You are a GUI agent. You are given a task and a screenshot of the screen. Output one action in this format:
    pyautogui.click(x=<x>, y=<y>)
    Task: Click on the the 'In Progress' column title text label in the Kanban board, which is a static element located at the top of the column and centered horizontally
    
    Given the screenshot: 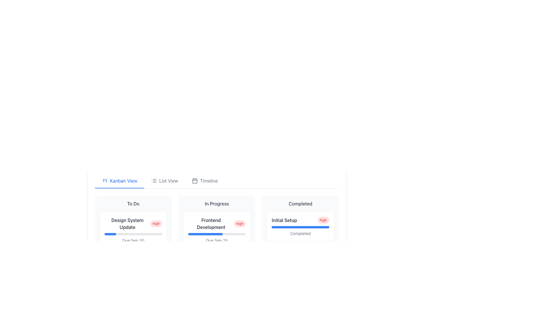 What is the action you would take?
    pyautogui.click(x=216, y=203)
    